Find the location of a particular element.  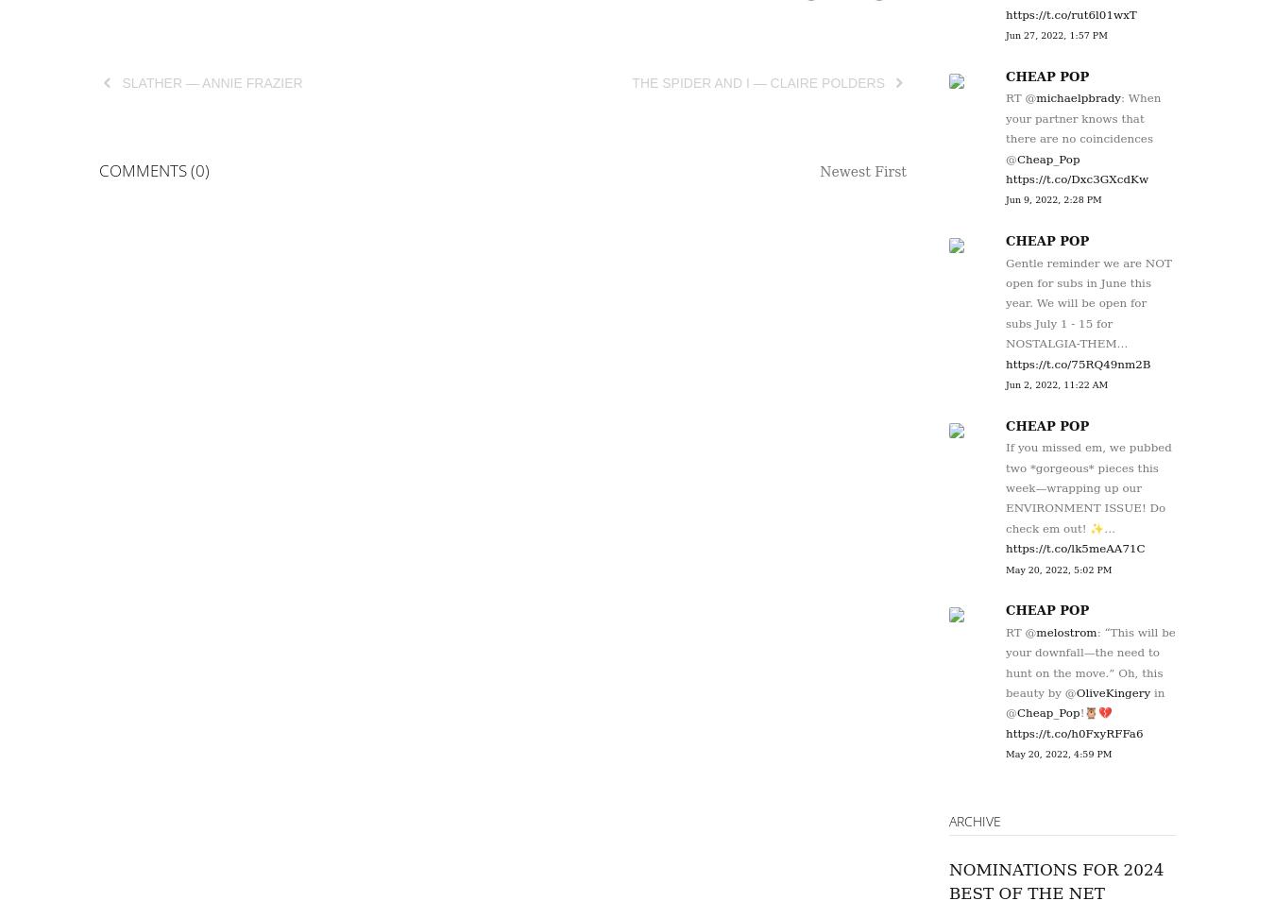

'Comments (0)' is located at coordinates (154, 168).